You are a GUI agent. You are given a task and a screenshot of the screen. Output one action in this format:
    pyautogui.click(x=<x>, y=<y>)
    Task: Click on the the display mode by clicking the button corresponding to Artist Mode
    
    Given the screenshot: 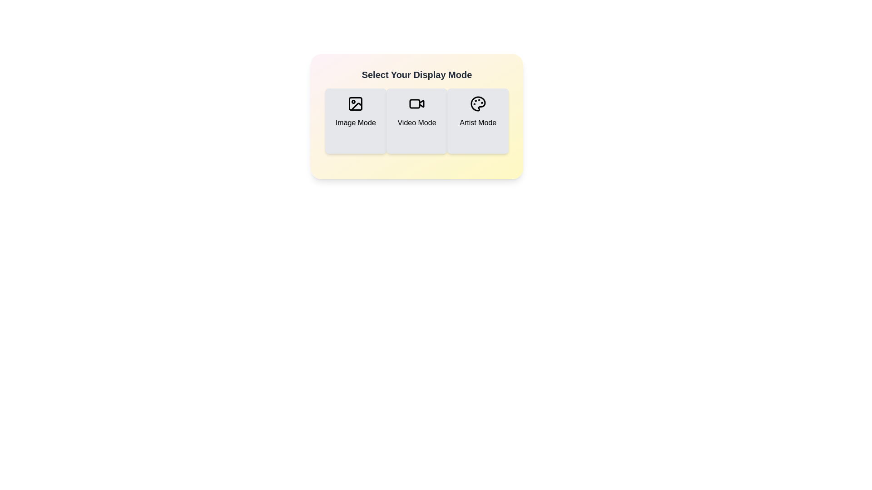 What is the action you would take?
    pyautogui.click(x=477, y=120)
    